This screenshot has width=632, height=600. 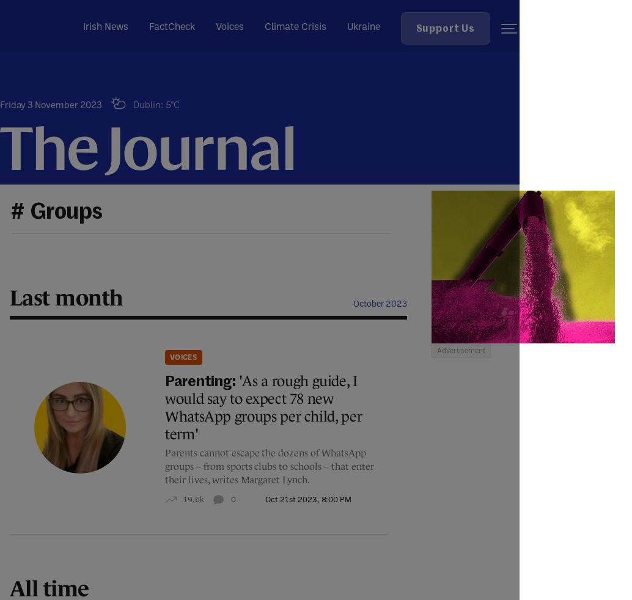 What do you see at coordinates (171, 25) in the screenshot?
I see `'FactCheck'` at bounding box center [171, 25].